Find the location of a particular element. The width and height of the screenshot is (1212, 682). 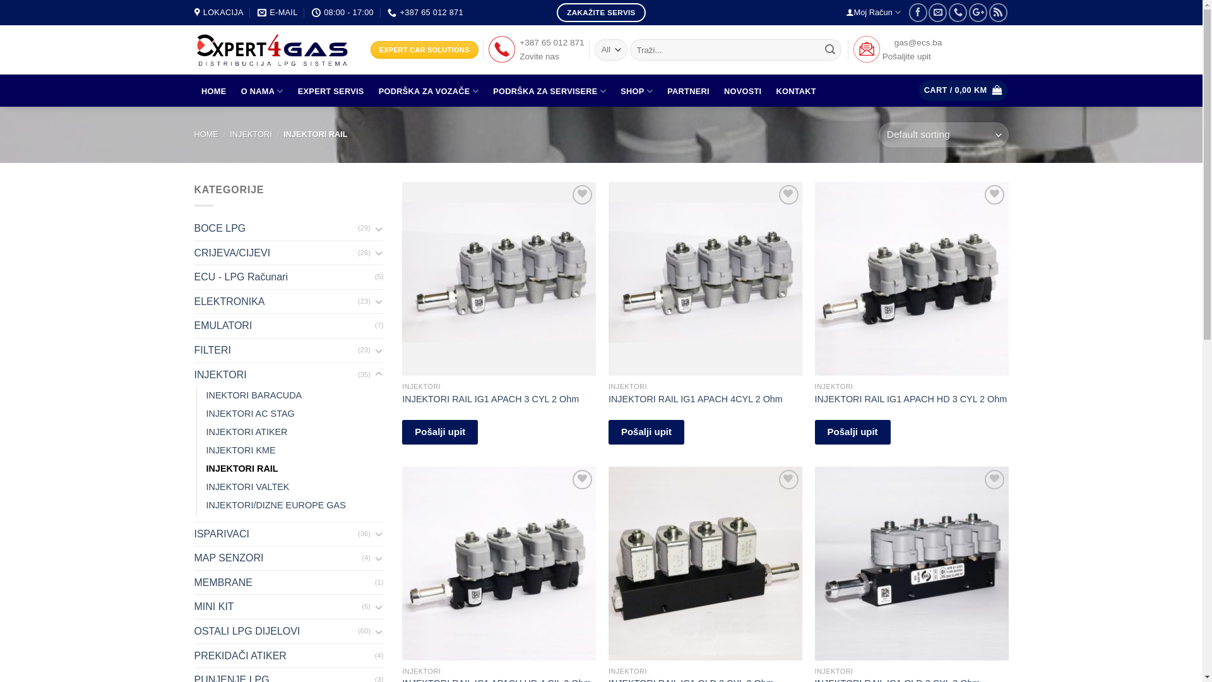

'CART / 0,00 KM' is located at coordinates (962, 90).